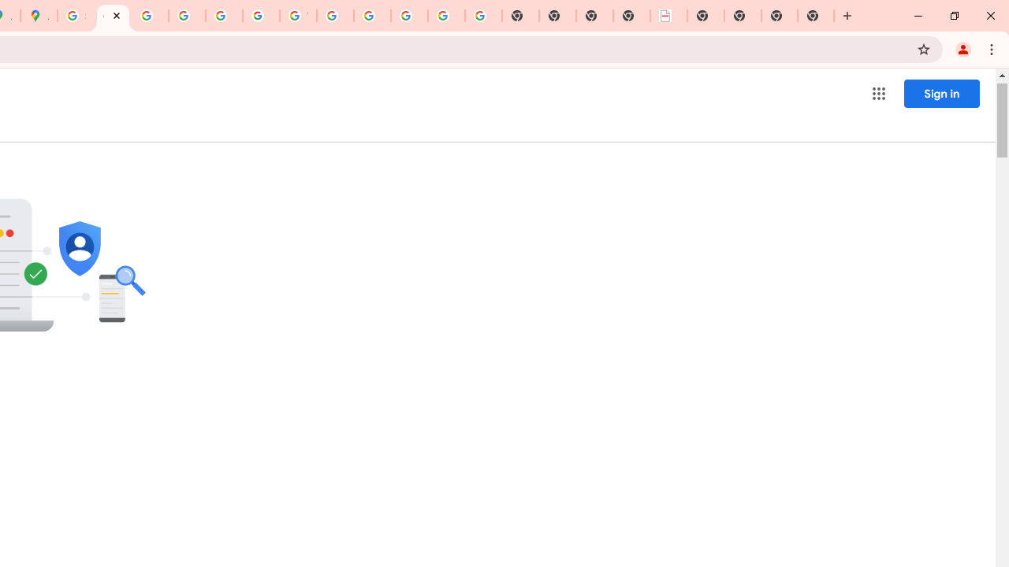  What do you see at coordinates (668, 16) in the screenshot?
I see `'LAAD Defence & Security 2025 | BAE Systems'` at bounding box center [668, 16].